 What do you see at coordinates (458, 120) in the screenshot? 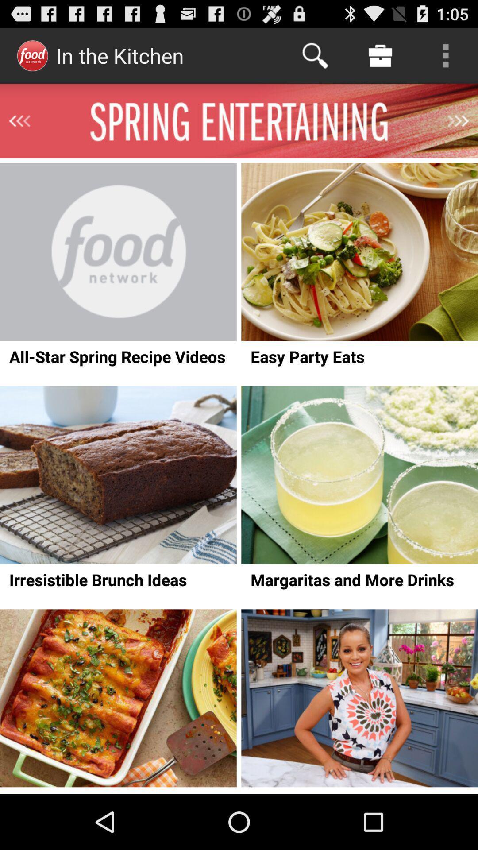
I see `next section` at bounding box center [458, 120].